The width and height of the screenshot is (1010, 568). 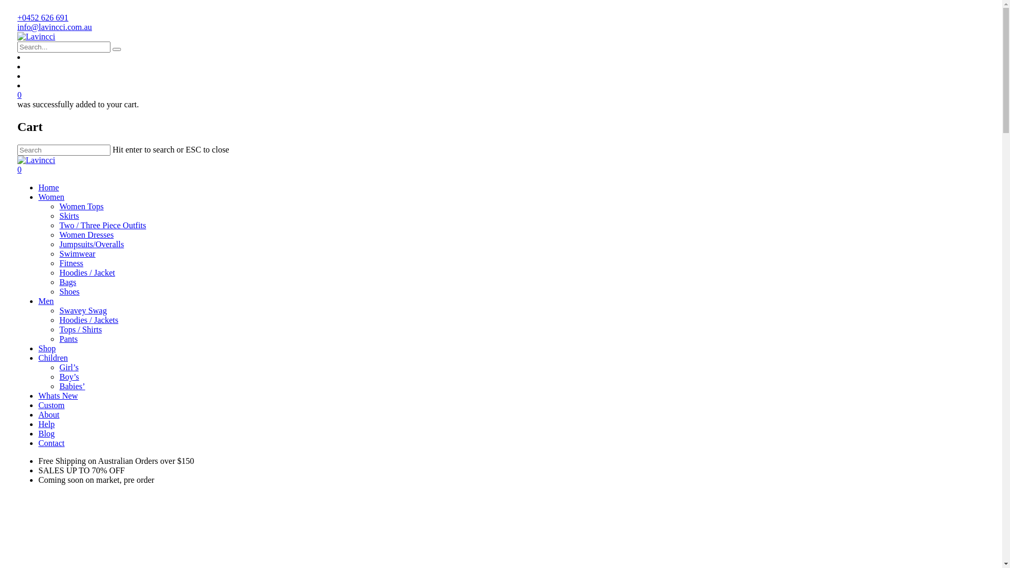 I want to click on 'Pants', so click(x=68, y=339).